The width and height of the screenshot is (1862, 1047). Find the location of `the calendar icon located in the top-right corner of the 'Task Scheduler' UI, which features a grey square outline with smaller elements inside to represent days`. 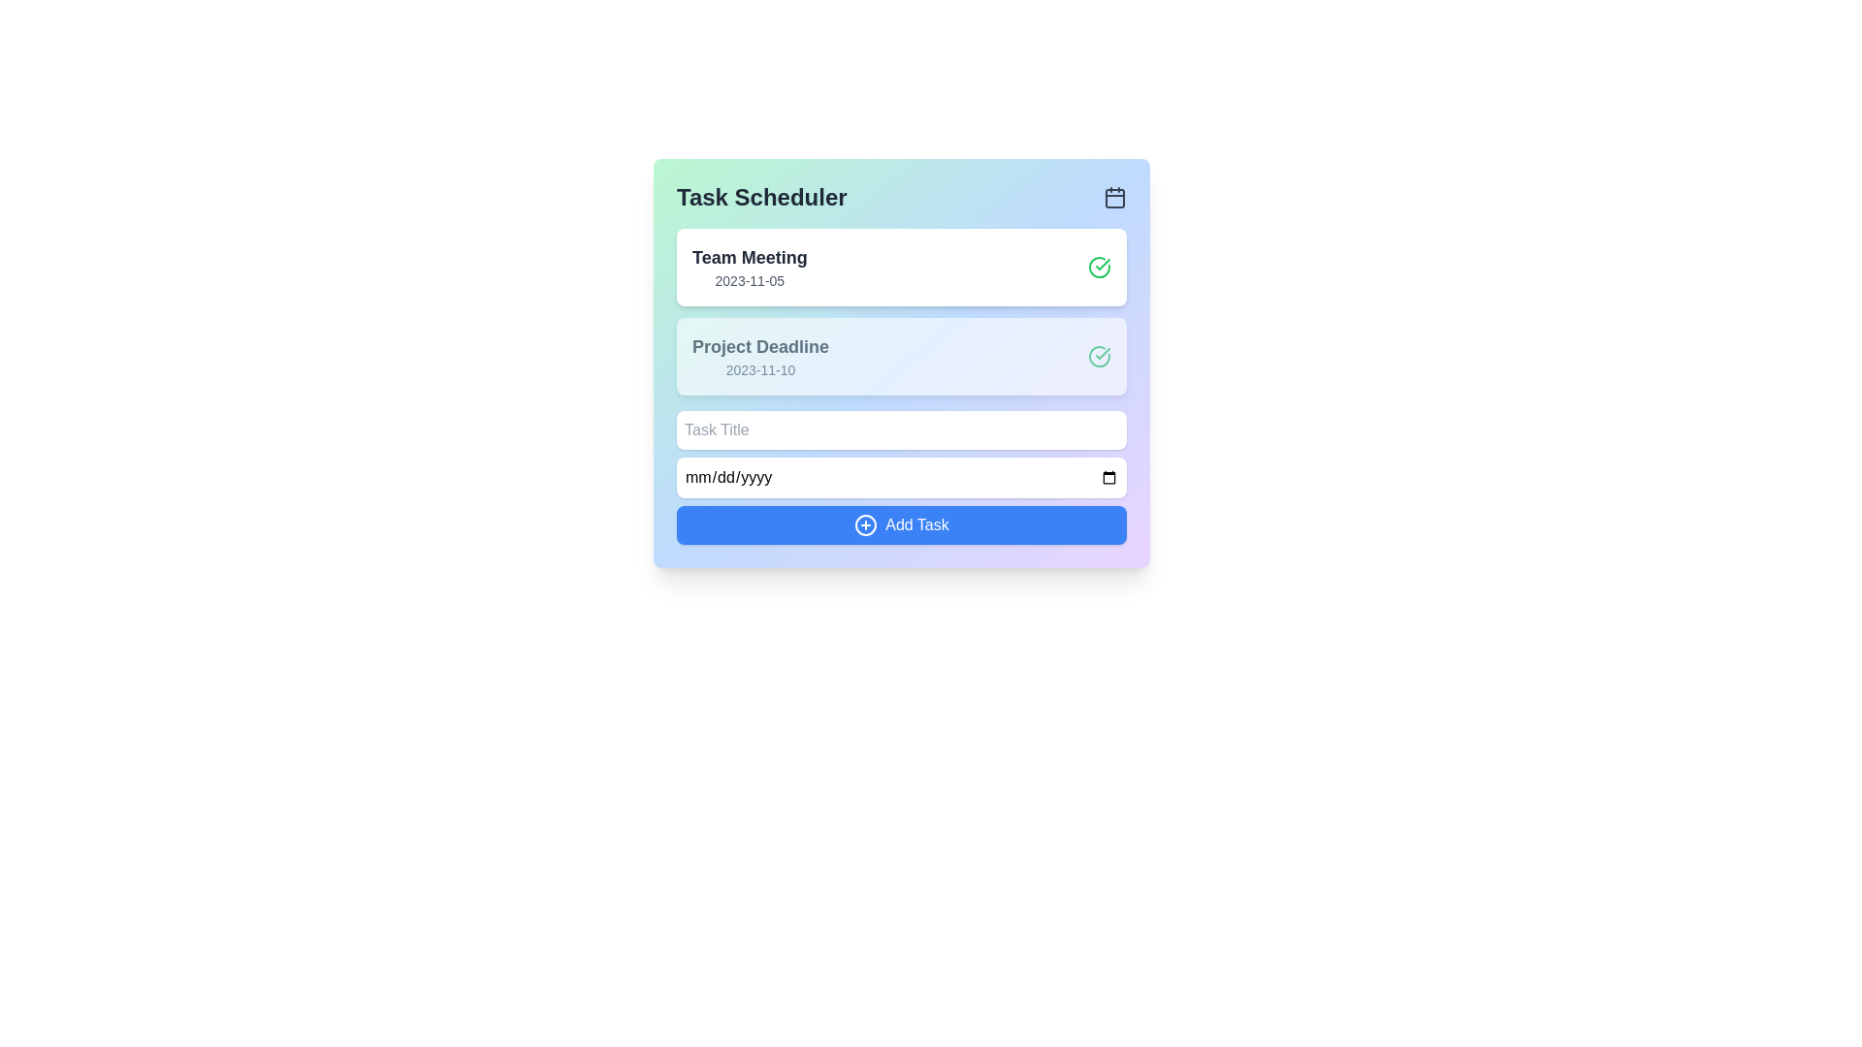

the calendar icon located in the top-right corner of the 'Task Scheduler' UI, which features a grey square outline with smaller elements inside to represent days is located at coordinates (1115, 198).